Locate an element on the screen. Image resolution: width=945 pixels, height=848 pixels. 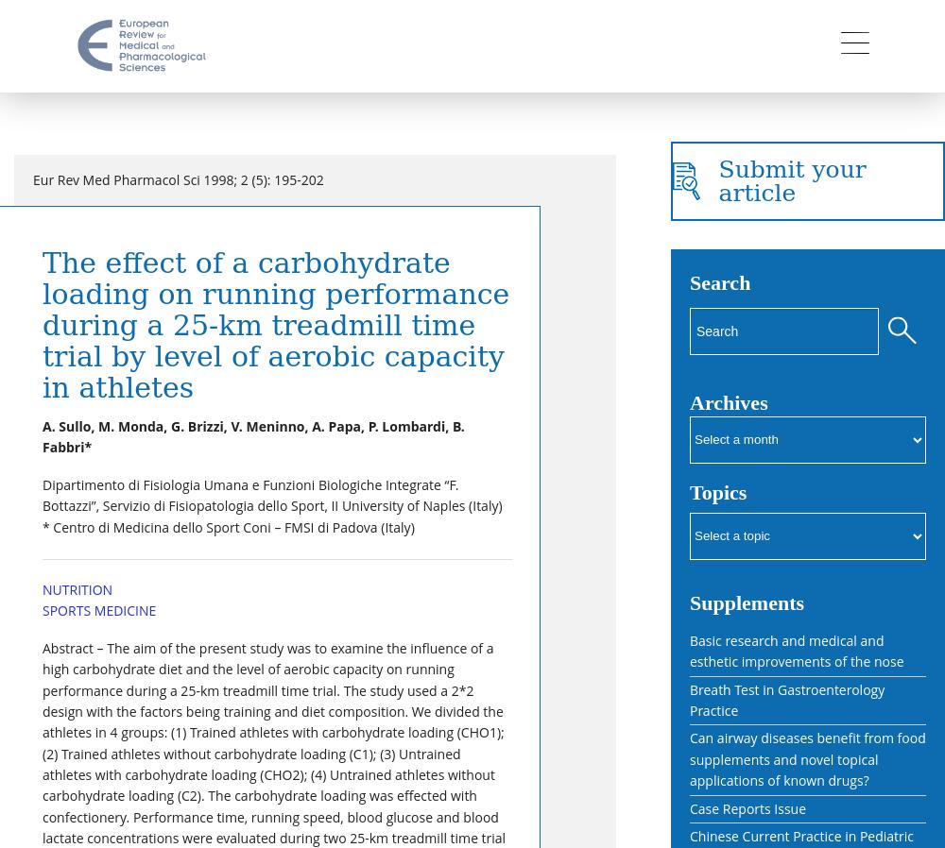
'Supplements' is located at coordinates (747, 601).